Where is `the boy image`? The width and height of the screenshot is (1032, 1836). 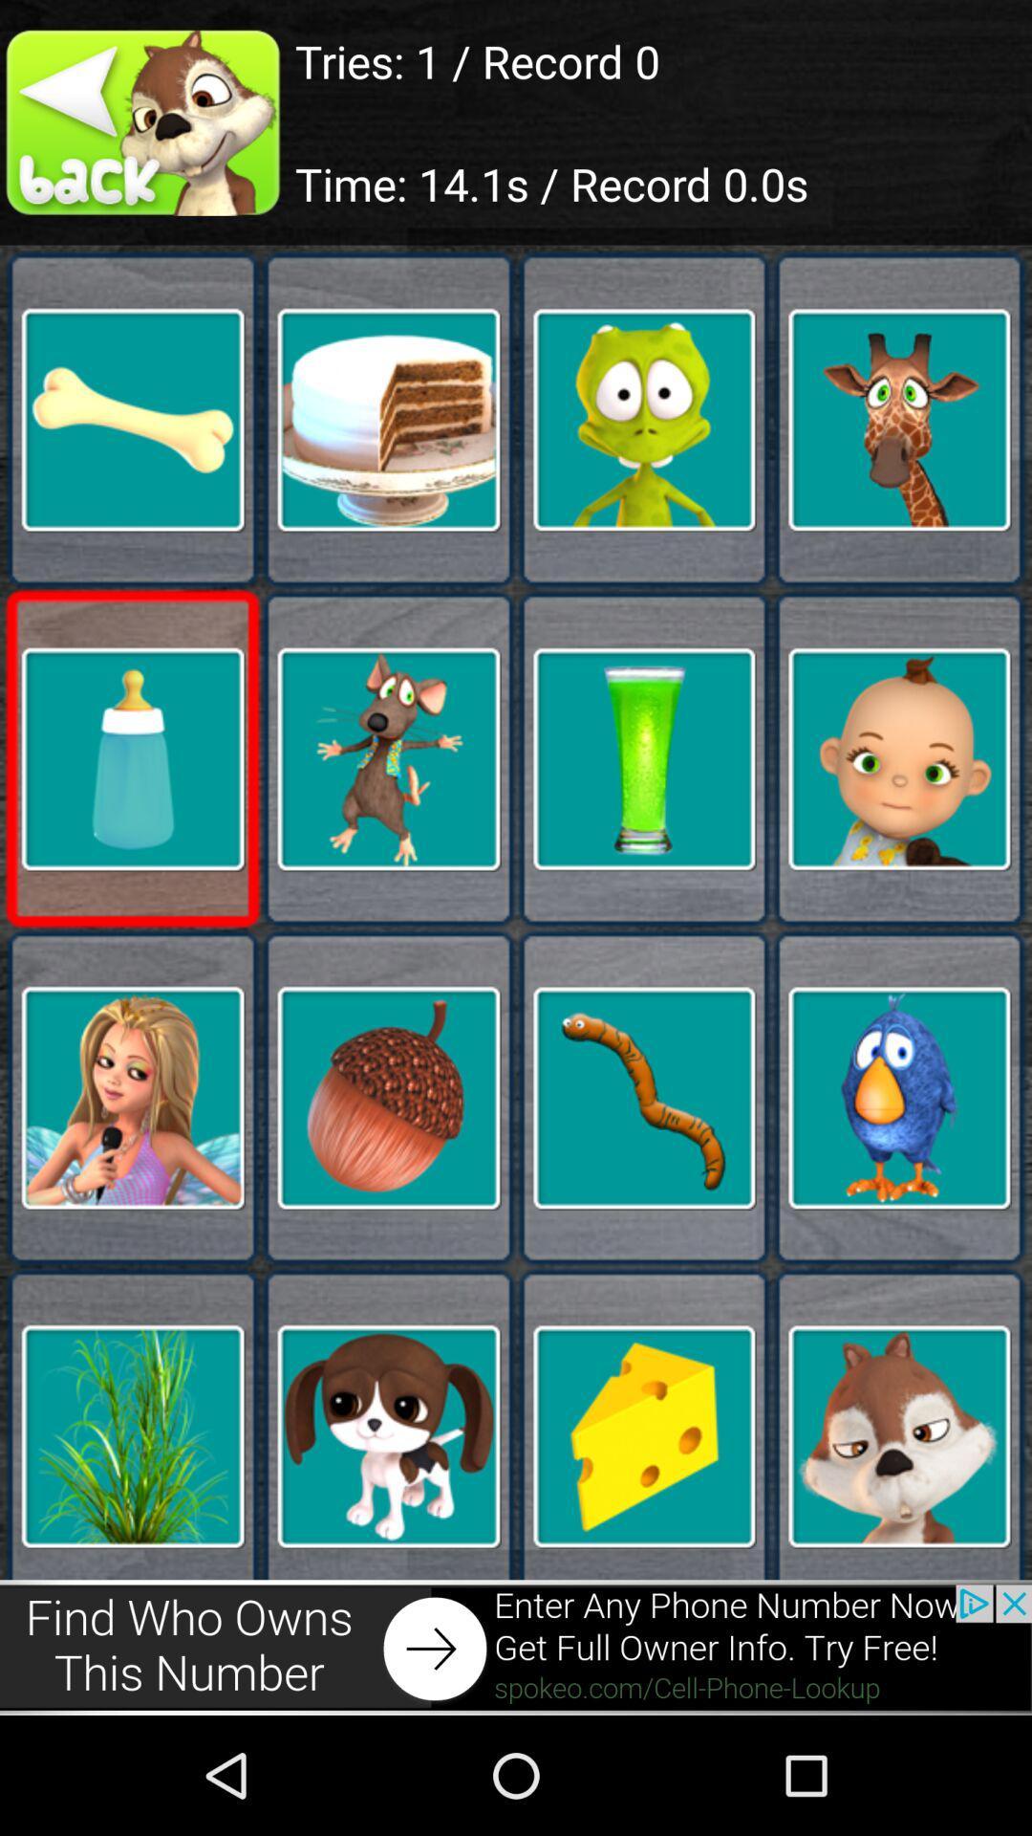 the boy image is located at coordinates (899, 757).